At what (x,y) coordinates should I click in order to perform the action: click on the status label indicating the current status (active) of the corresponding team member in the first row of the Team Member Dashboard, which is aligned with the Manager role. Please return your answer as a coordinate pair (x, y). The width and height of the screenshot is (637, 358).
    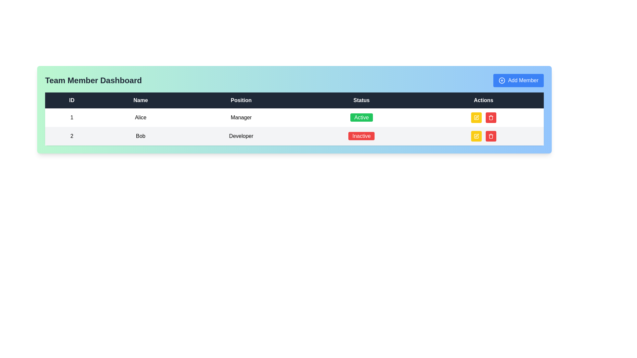
    Looking at the image, I should click on (361, 117).